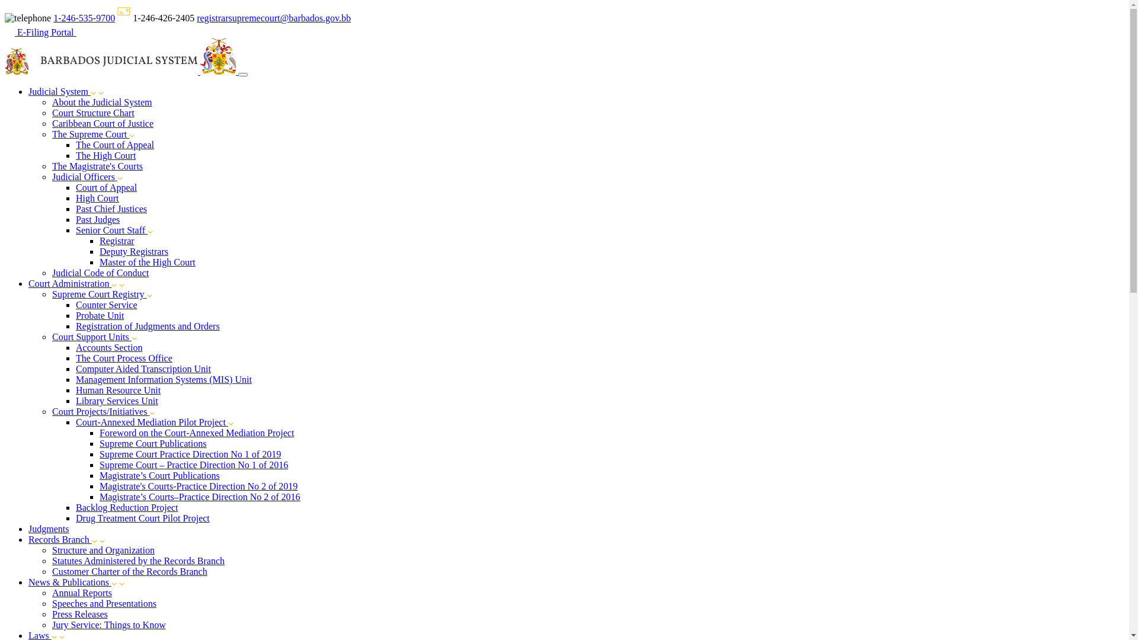  What do you see at coordinates (72, 581) in the screenshot?
I see `'News & Publications'` at bounding box center [72, 581].